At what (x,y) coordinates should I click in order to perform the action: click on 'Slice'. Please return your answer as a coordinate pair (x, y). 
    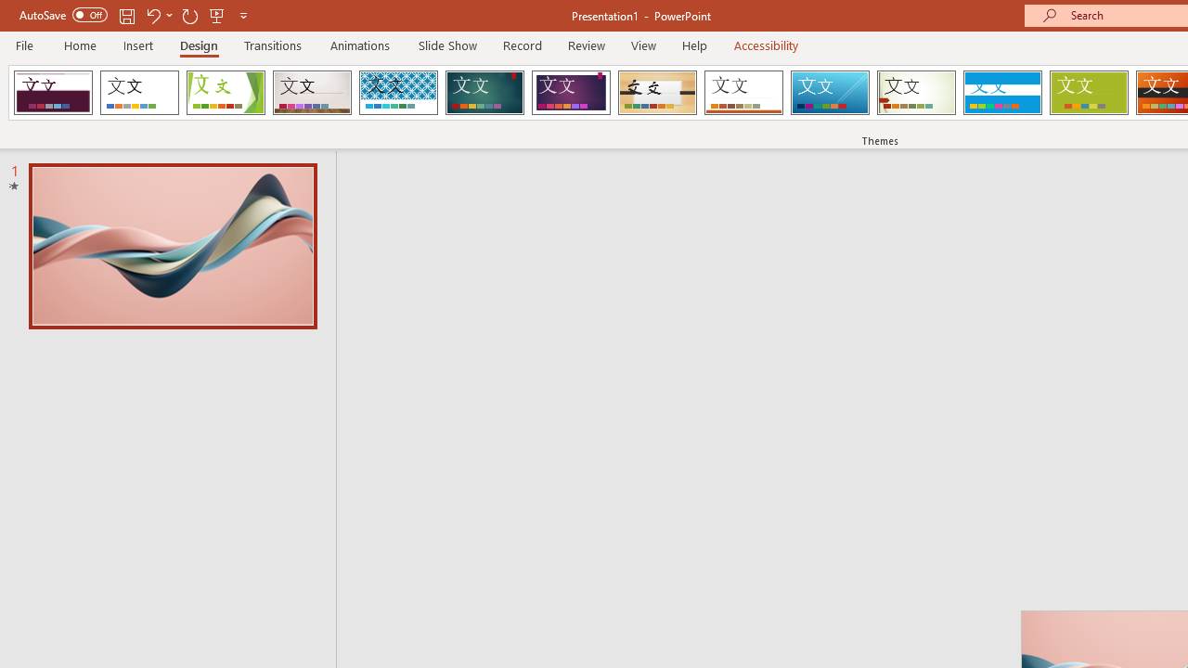
    Looking at the image, I should click on (829, 93).